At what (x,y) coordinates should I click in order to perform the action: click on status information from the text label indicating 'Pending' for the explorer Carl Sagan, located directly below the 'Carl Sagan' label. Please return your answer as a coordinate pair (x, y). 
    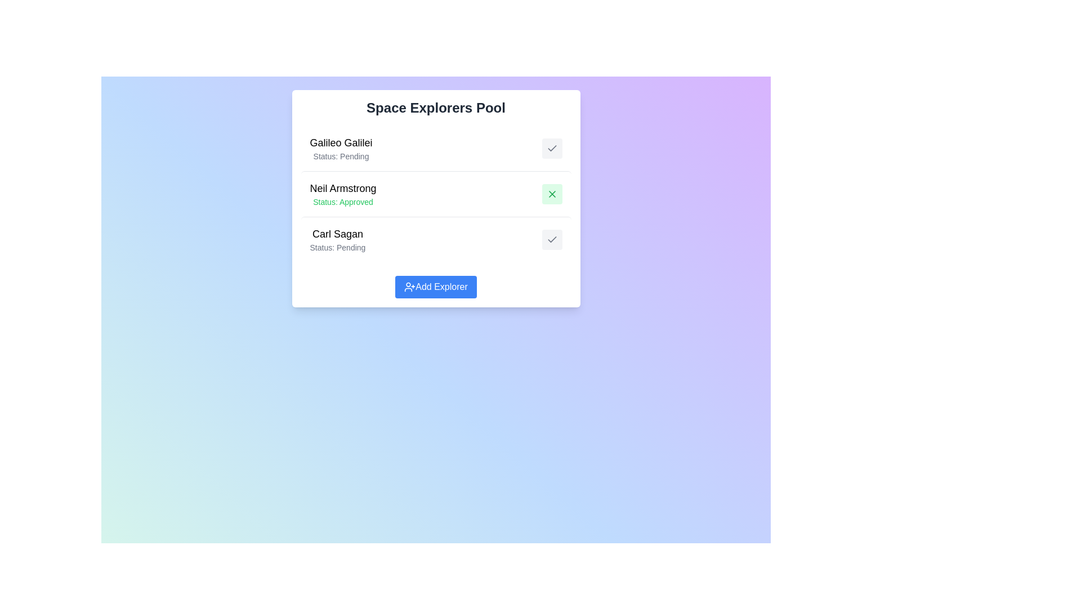
    Looking at the image, I should click on (337, 247).